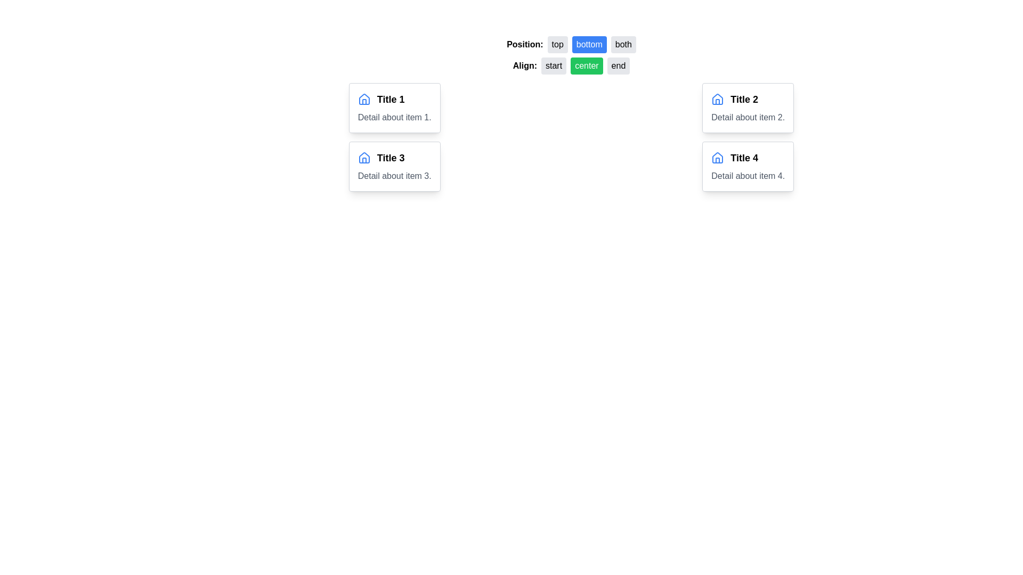 This screenshot has width=1023, height=575. Describe the element at coordinates (571, 44) in the screenshot. I see `the button with a blue background and white text labeled 'bottom' which is the second button in the group of three located under the label 'Position:'` at that location.